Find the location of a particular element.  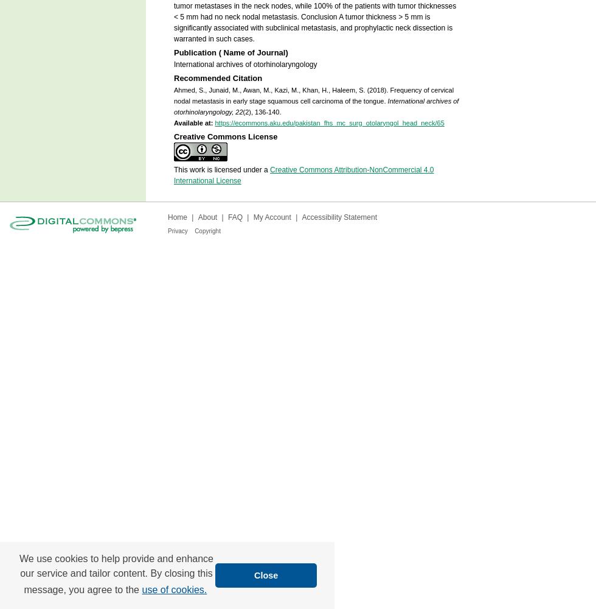

'use of cookies.' is located at coordinates (174, 588).